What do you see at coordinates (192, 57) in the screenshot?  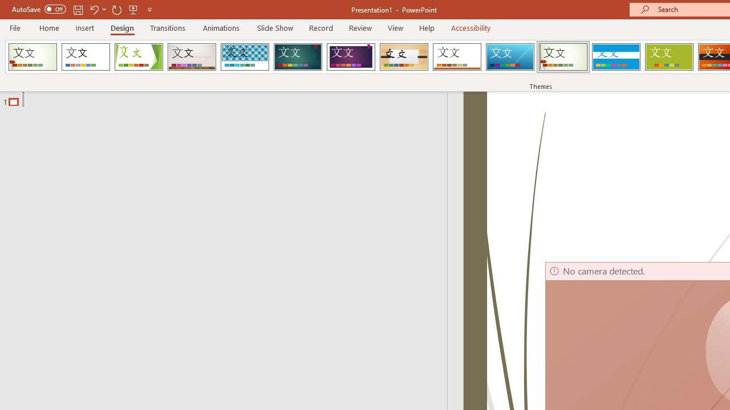 I see `'Gallery'` at bounding box center [192, 57].